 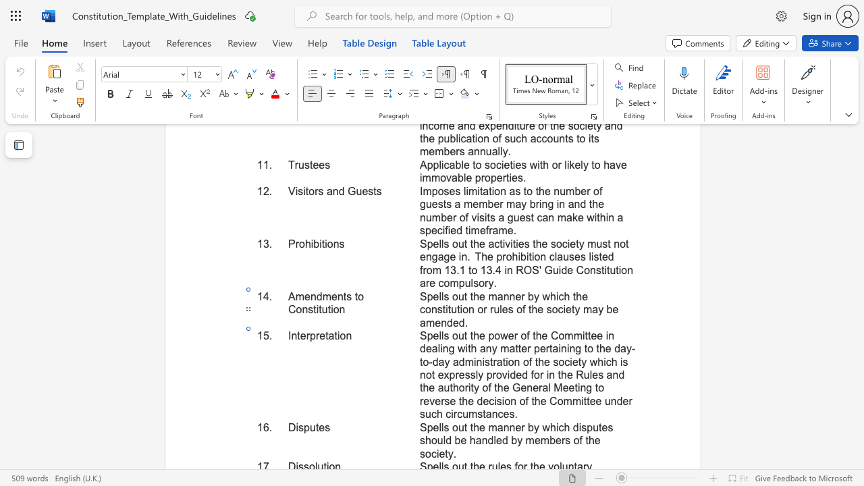 What do you see at coordinates (455, 296) in the screenshot?
I see `the 1th character "o" in the text` at bounding box center [455, 296].